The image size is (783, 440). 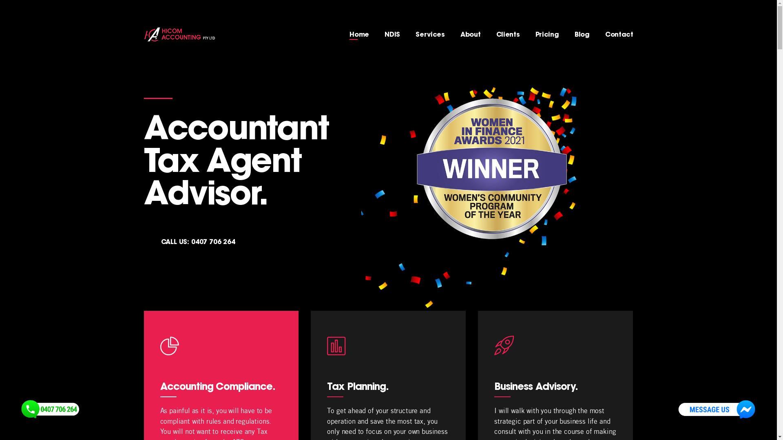 I want to click on 'About', so click(x=470, y=34).